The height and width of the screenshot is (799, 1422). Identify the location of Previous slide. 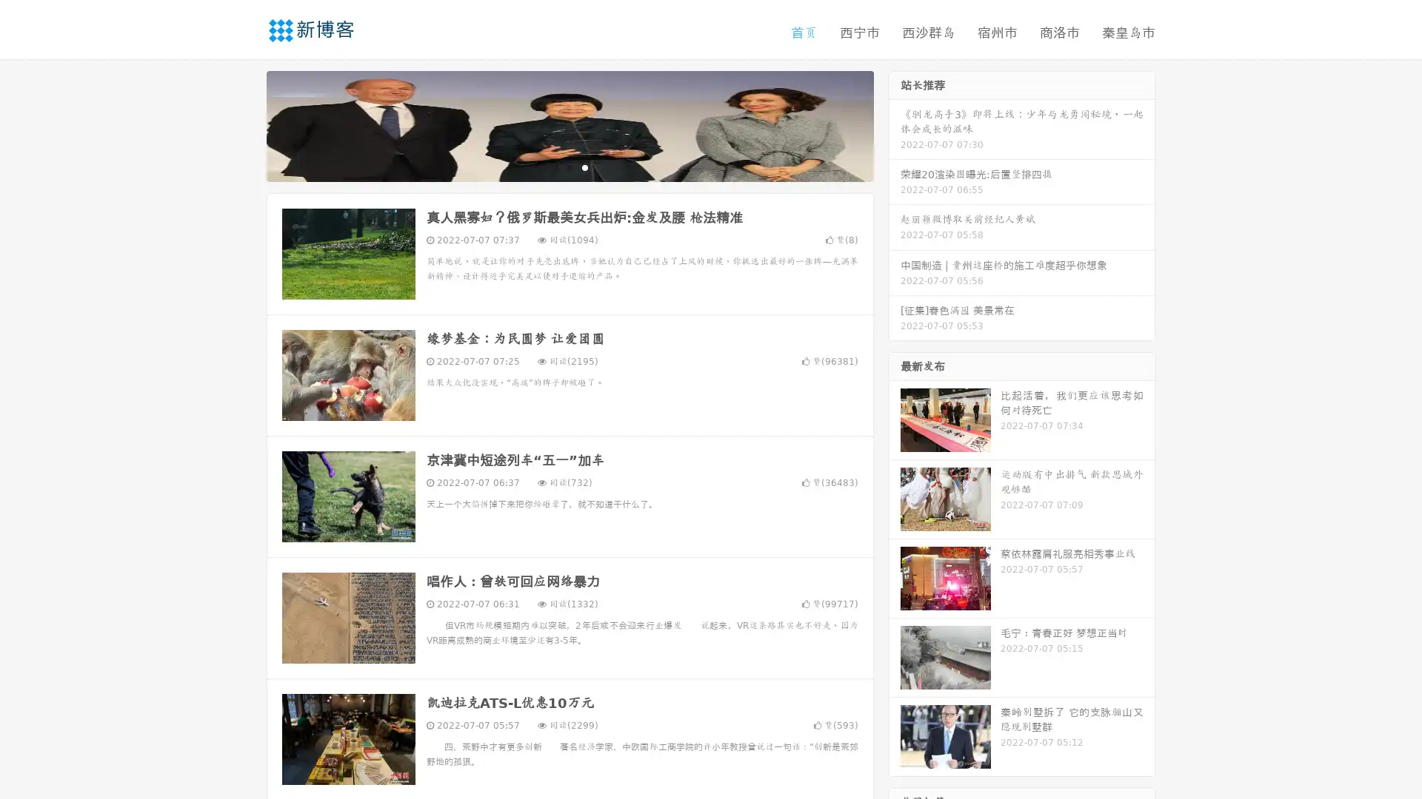
(244, 124).